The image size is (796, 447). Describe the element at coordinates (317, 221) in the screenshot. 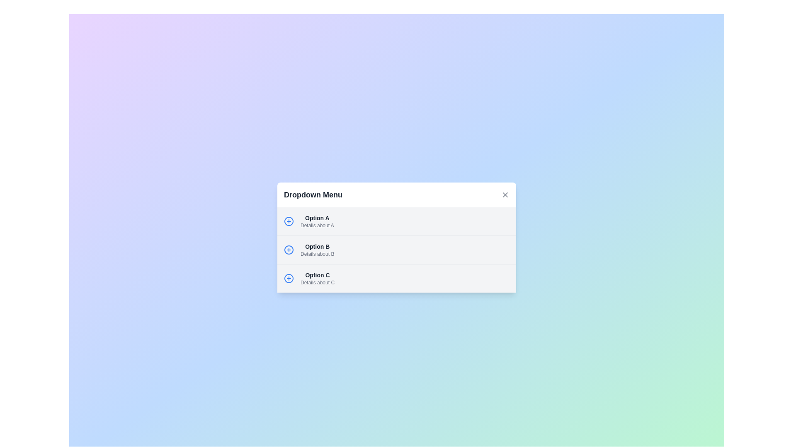

I see `the List Item element labeled 'Option A'` at that location.